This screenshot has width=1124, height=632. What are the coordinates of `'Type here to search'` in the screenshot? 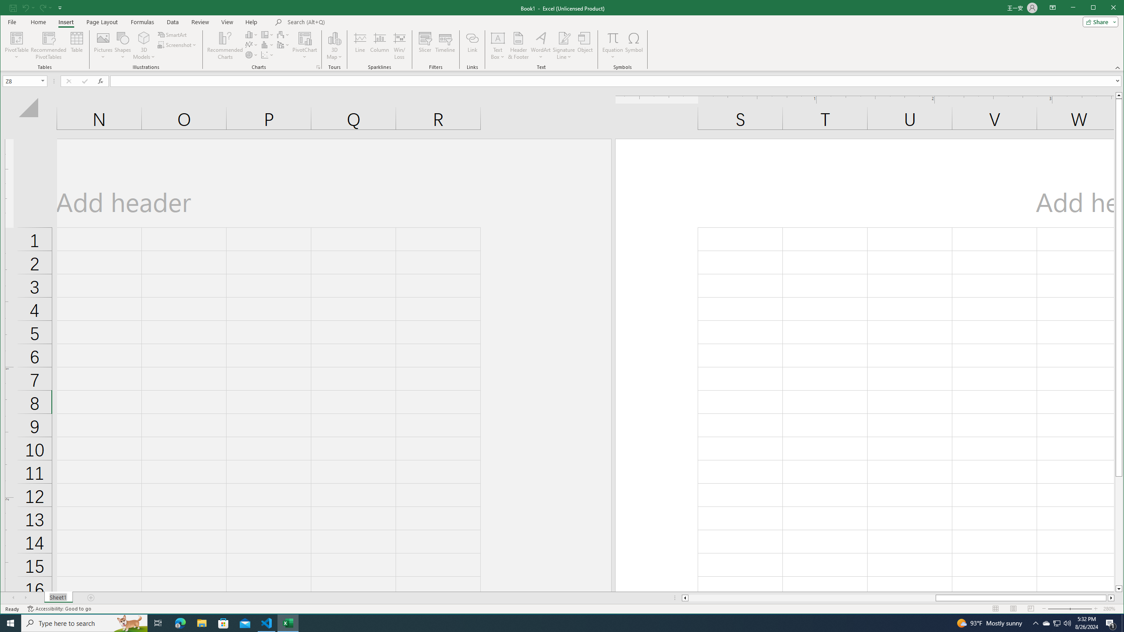 It's located at (84, 622).